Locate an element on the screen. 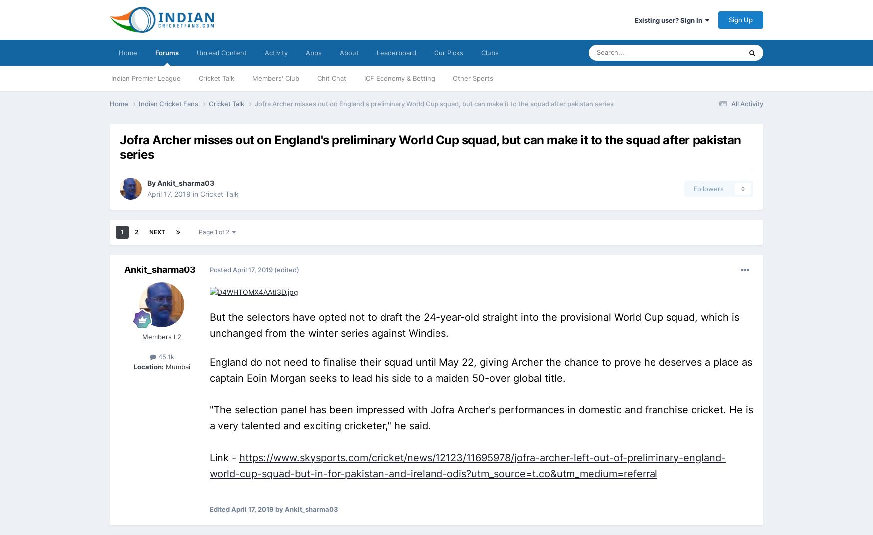 The height and width of the screenshot is (535, 873). 'About' is located at coordinates (349, 53).